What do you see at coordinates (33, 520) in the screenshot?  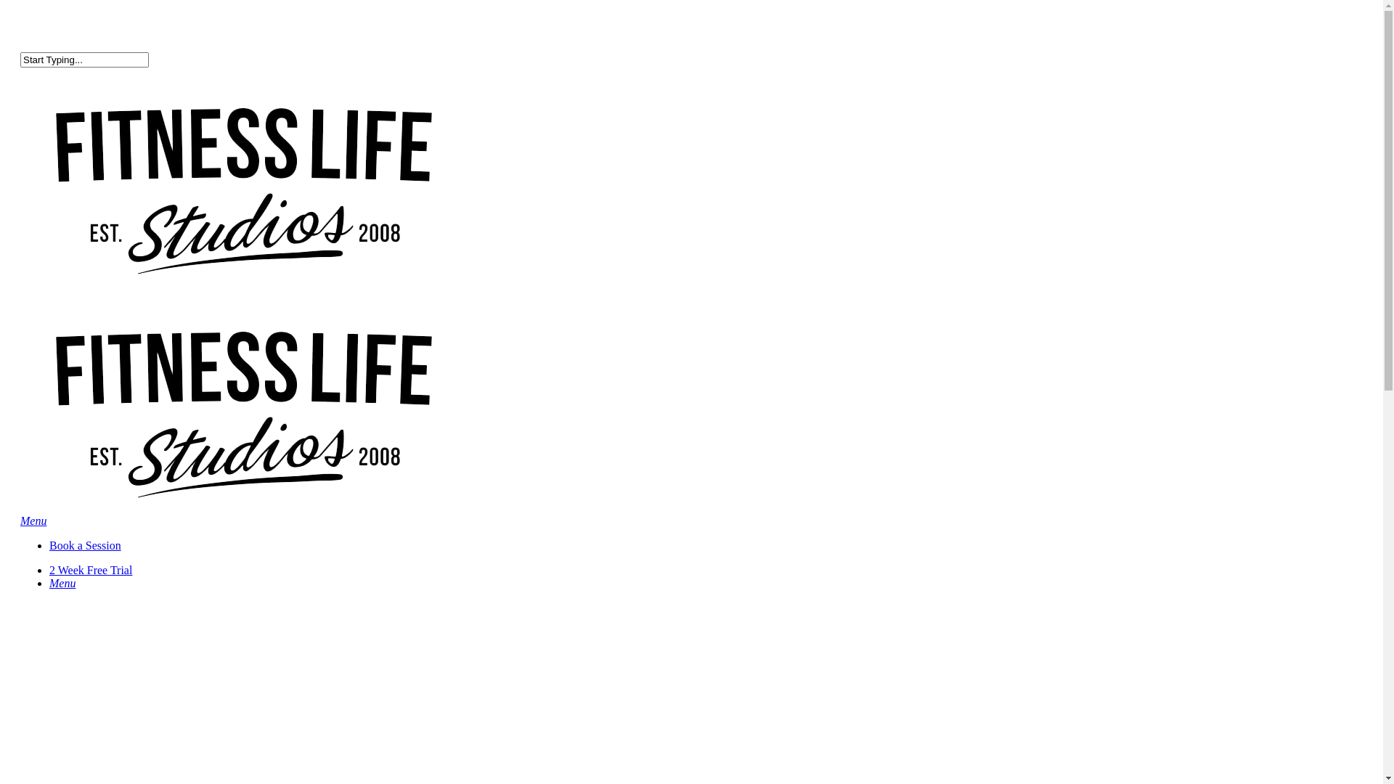 I see `'Menu'` at bounding box center [33, 520].